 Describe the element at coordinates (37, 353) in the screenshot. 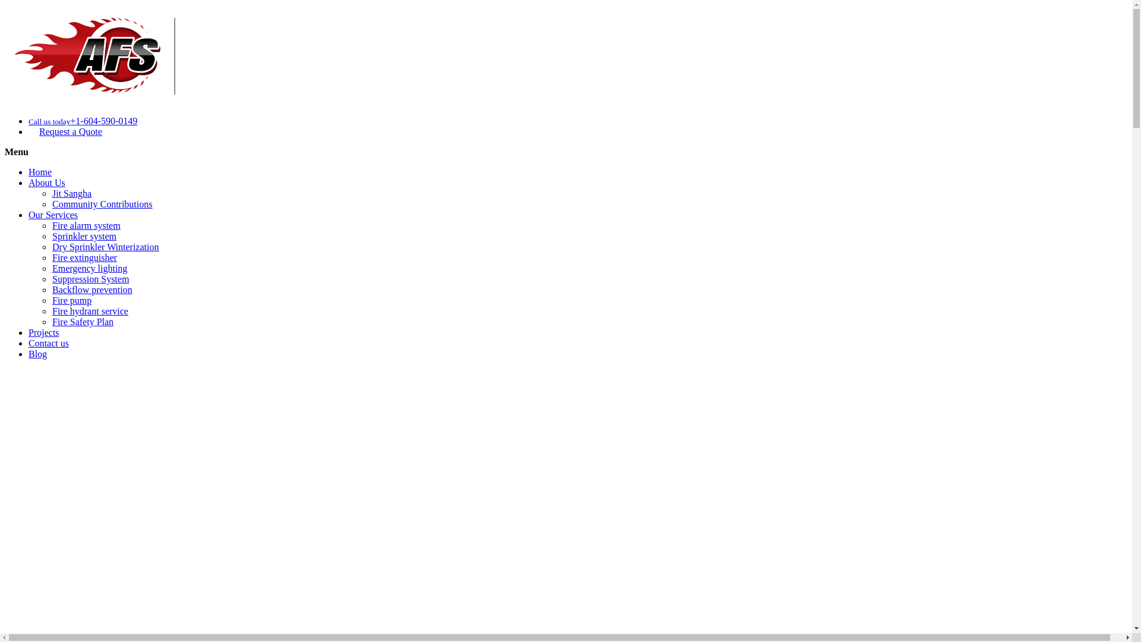

I see `'Blog'` at that location.